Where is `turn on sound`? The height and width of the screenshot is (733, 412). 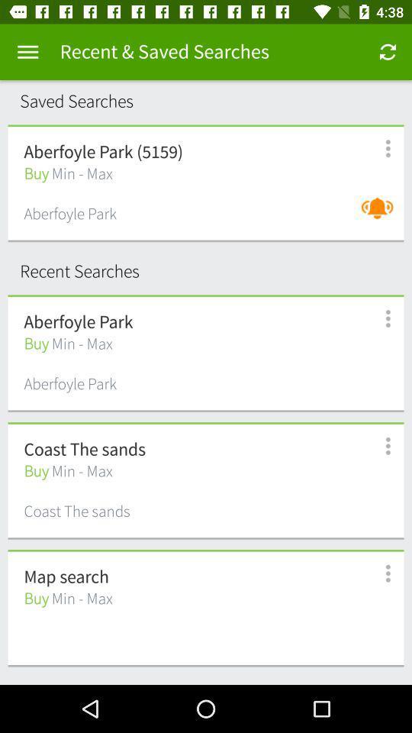 turn on sound is located at coordinates (380, 215).